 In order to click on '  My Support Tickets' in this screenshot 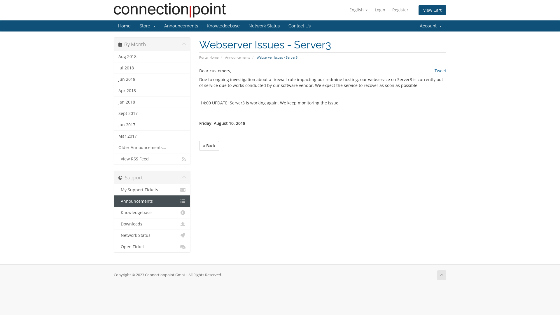, I will do `click(114, 190)`.